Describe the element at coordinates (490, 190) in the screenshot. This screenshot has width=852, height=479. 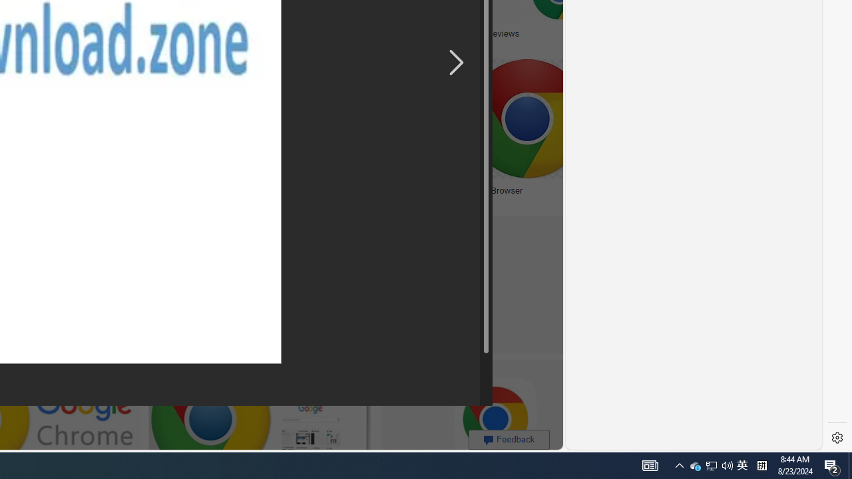
I see `'Chrome Browser'` at that location.